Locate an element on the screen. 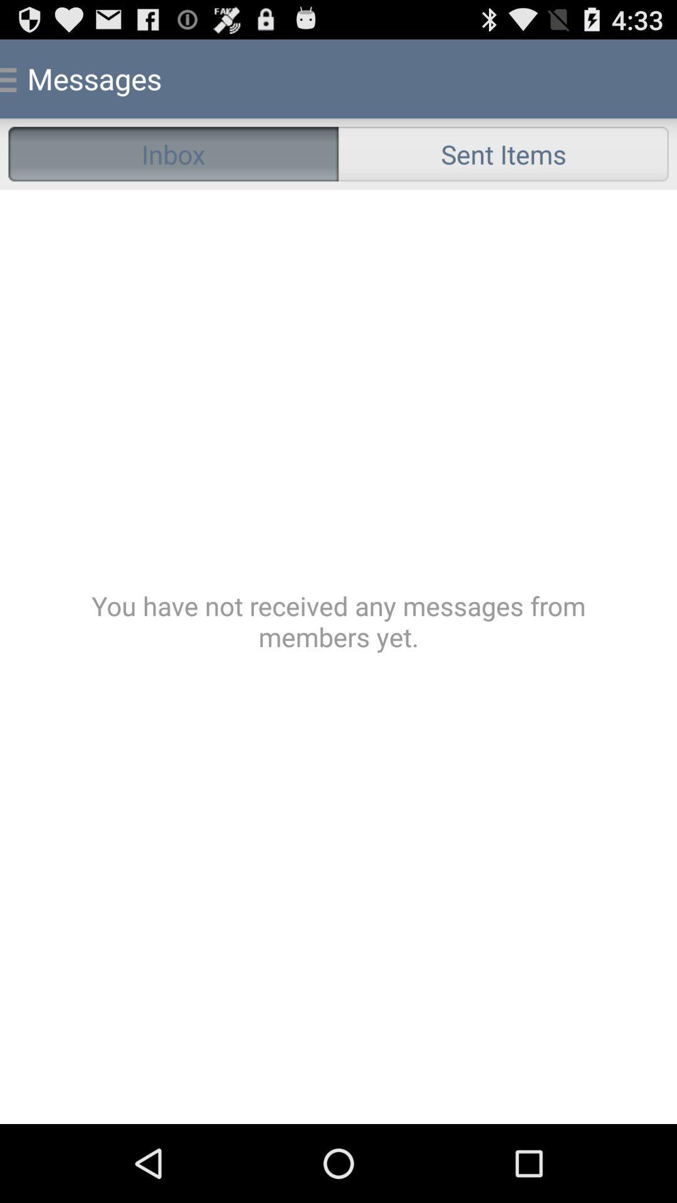 The image size is (677, 1203). the radio button to the right of the inbox radio button is located at coordinates (503, 153).